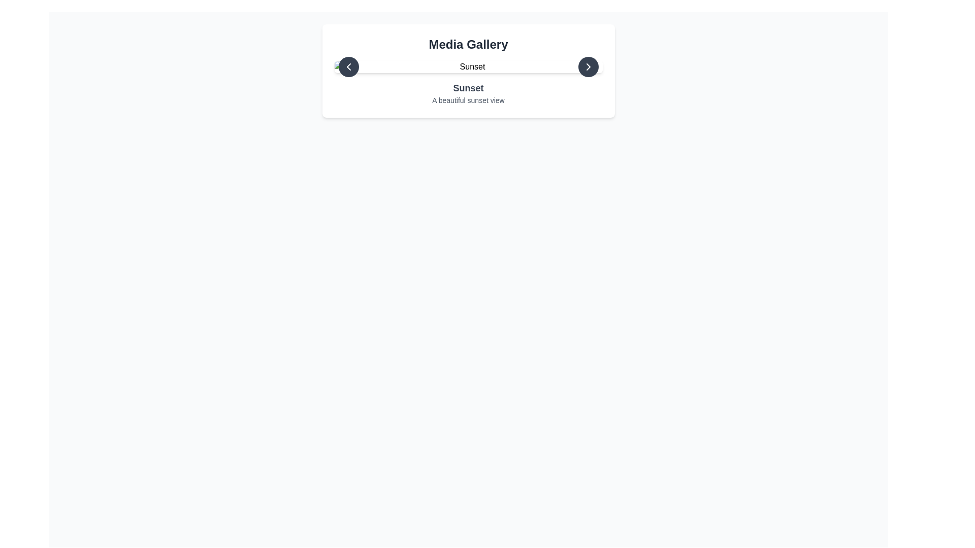 The width and height of the screenshot is (975, 548). What do you see at coordinates (348, 66) in the screenshot?
I see `the chevron icon within the circular button located at the far left of the media gallery navigation bar` at bounding box center [348, 66].